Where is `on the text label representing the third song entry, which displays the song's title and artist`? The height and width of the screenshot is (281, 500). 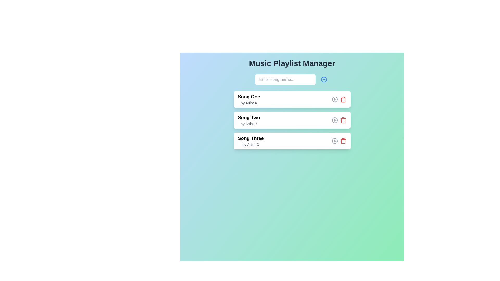
on the text label representing the third song entry, which displays the song's title and artist is located at coordinates (251, 141).